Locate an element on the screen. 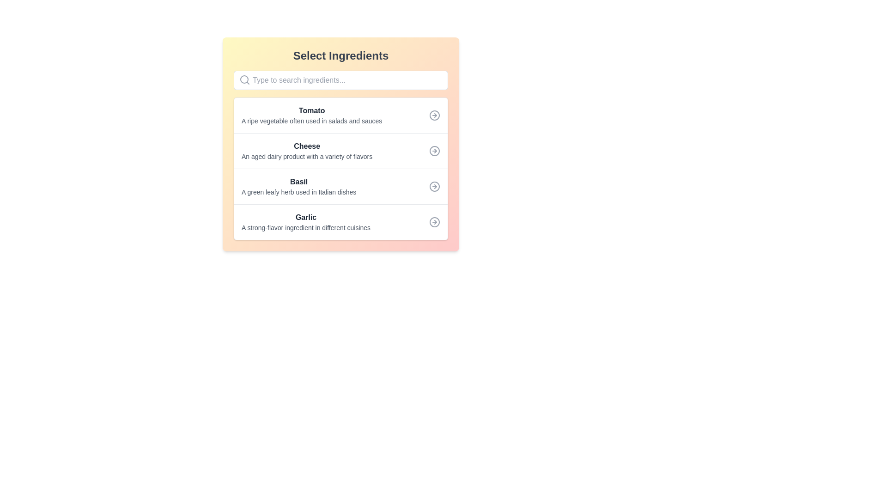  to select the ingredient 'Tomato' from the text block, which consists of a bold title and a smaller description, positioned as the first item in a vertical list below the search bar labeled 'Select Ingredients' is located at coordinates (312, 115).